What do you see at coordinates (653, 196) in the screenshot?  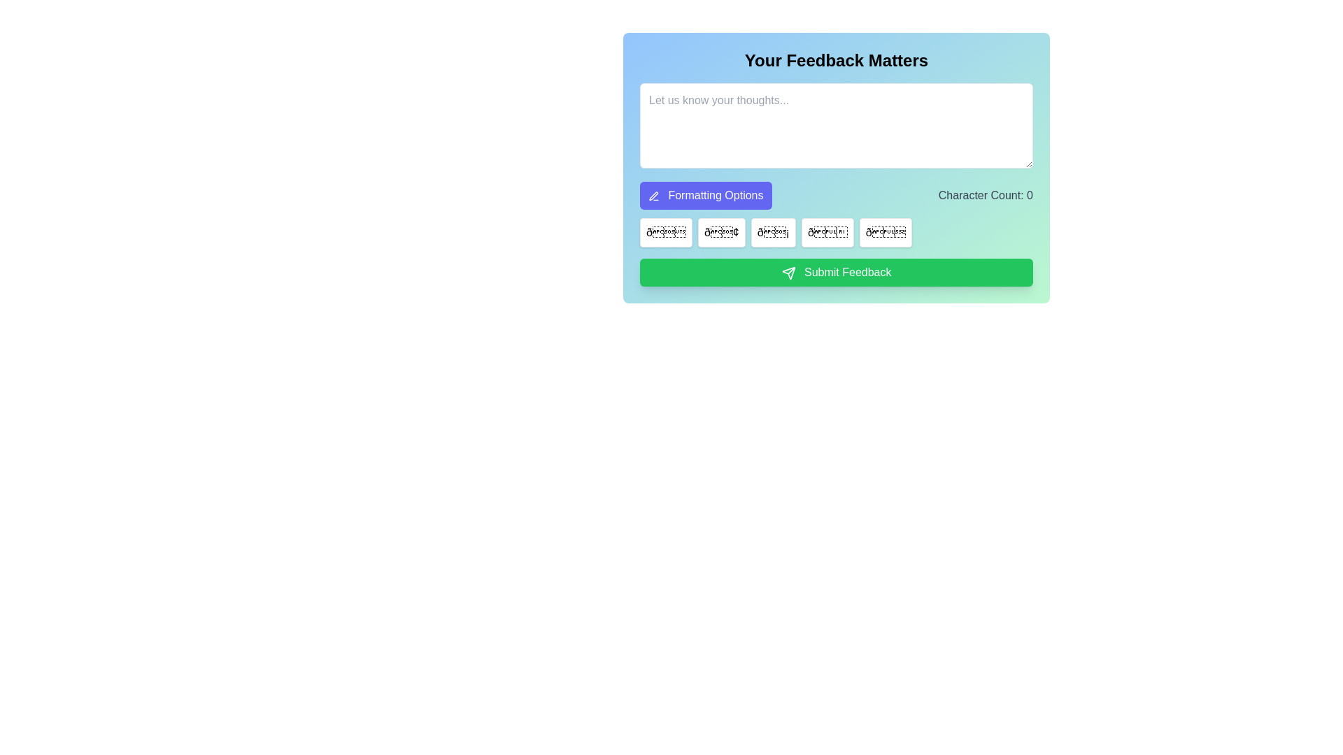 I see `the pen or stylus icon, which is a small outline-style icon located directly to the left of the 'Formatting Options' text` at bounding box center [653, 196].